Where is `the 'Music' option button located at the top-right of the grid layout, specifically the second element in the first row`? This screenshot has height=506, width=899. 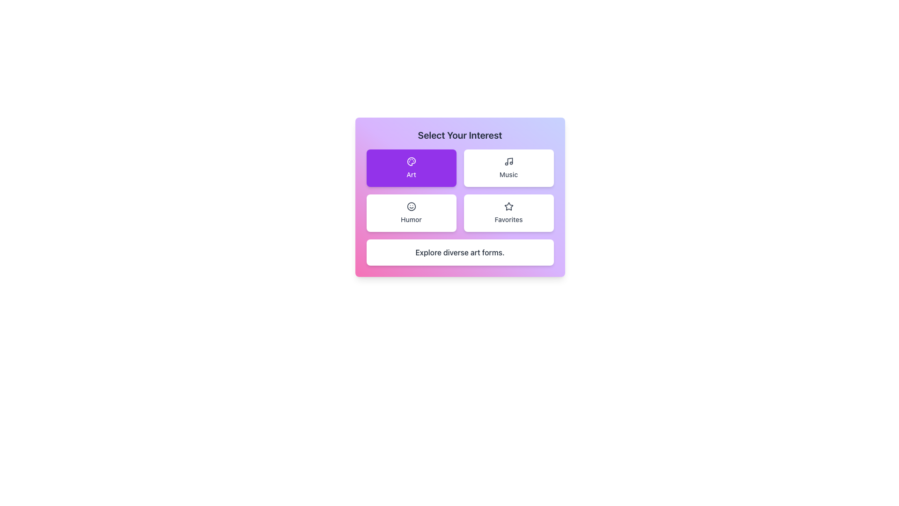 the 'Music' option button located at the top-right of the grid layout, specifically the second element in the first row is located at coordinates (508, 167).